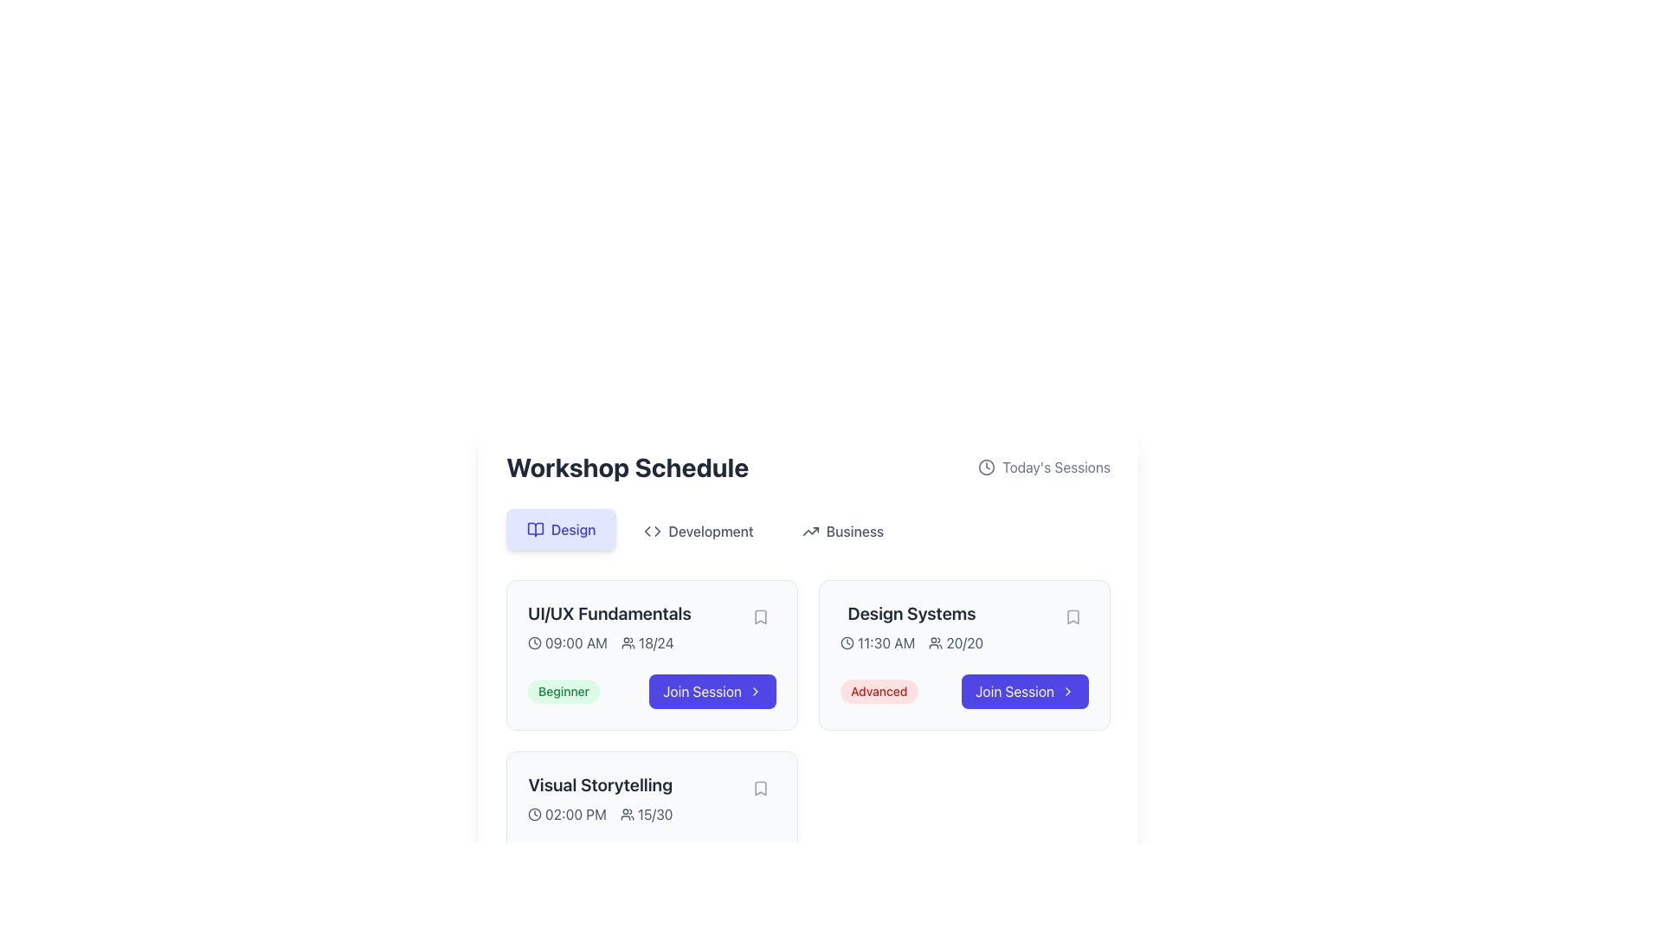 The width and height of the screenshot is (1662, 935). I want to click on the small group of people icon, which is a minimalist line-drawing style, located near the center-left area of the 'UI/UX Fundamentals' card in the 'Workshop Schedule' section, so click(627, 643).